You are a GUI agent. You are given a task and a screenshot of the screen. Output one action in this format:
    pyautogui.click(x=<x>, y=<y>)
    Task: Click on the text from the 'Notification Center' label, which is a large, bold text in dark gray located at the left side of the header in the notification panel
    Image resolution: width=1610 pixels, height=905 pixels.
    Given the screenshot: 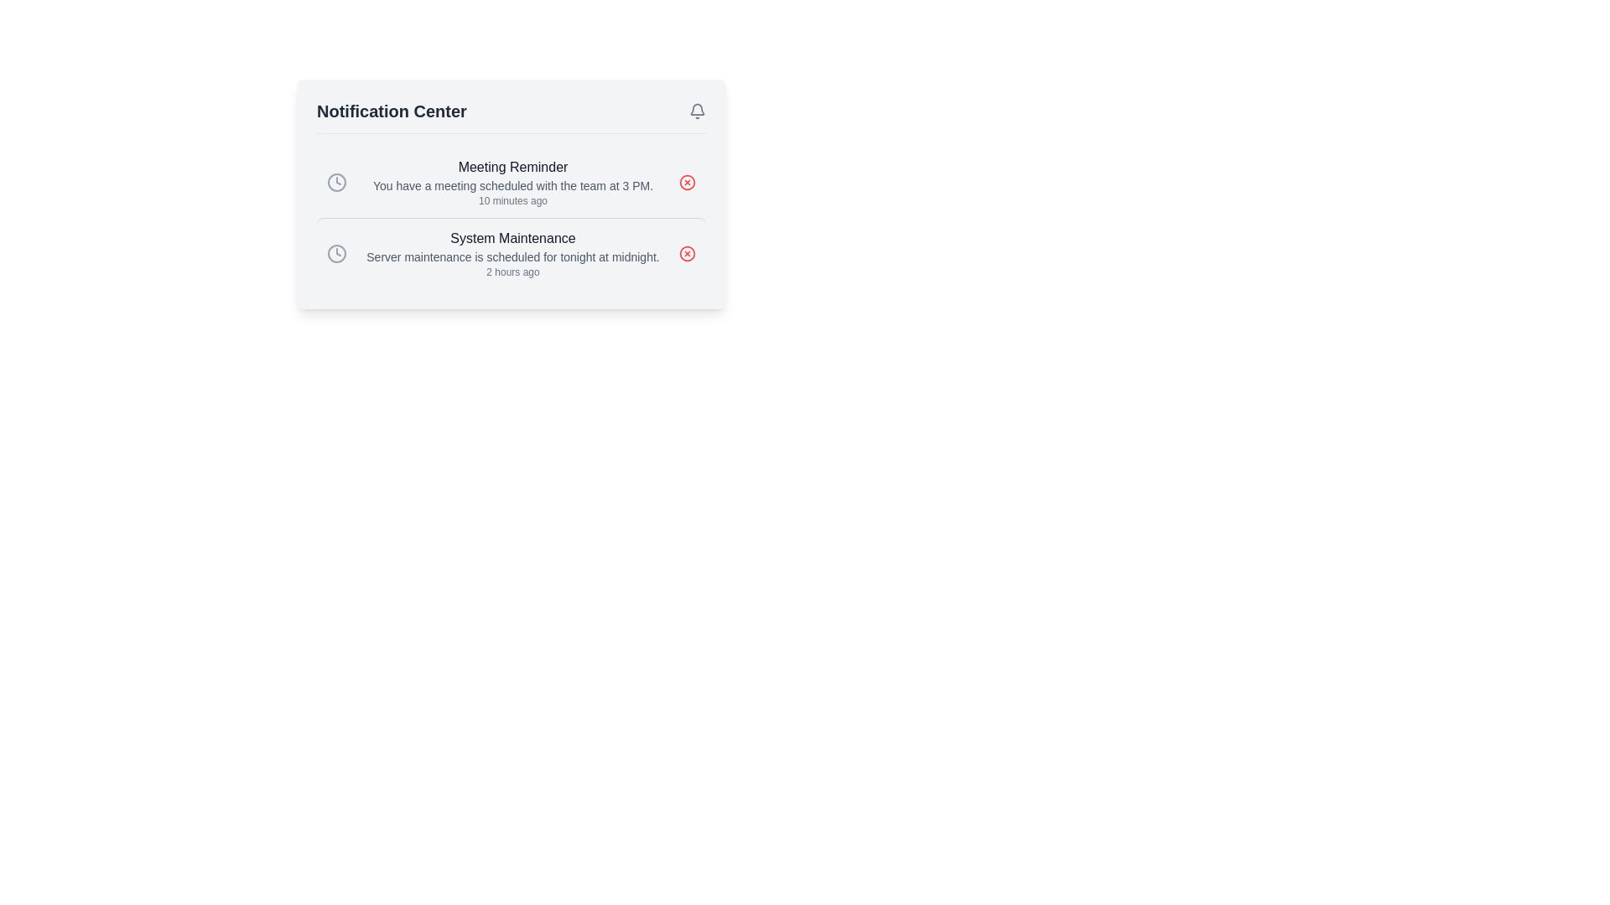 What is the action you would take?
    pyautogui.click(x=391, y=111)
    